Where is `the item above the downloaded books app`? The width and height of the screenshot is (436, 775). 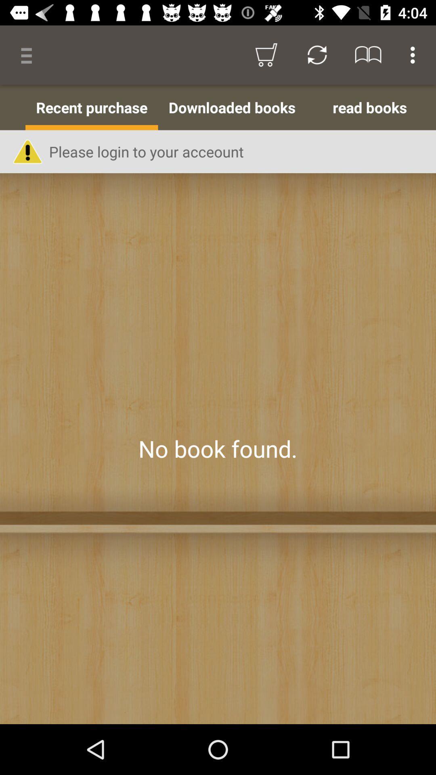 the item above the downloaded books app is located at coordinates (317, 54).